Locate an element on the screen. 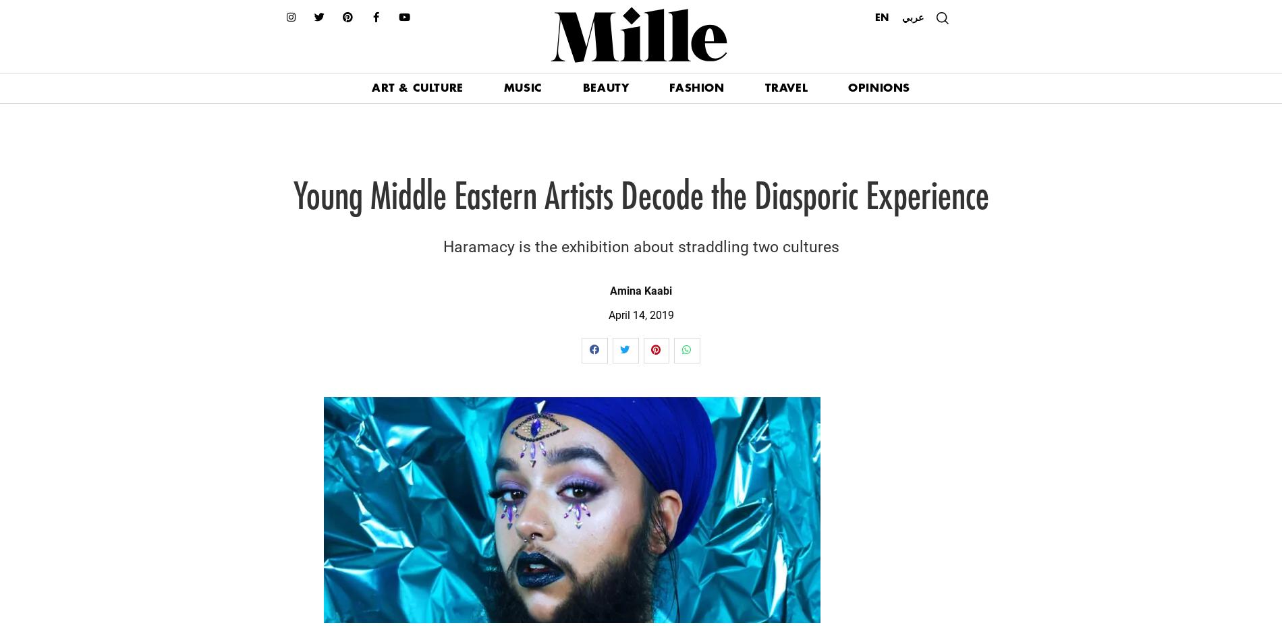  'Young Middle Eastern Artists Decode the Diasporic Experience' is located at coordinates (291, 197).